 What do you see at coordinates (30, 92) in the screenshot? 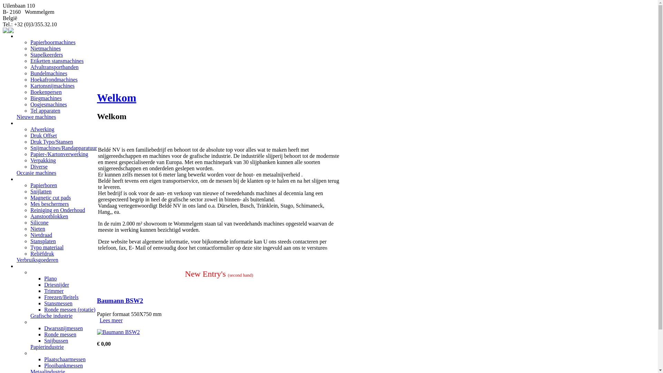
I see `'Boekenpersen'` at bounding box center [30, 92].